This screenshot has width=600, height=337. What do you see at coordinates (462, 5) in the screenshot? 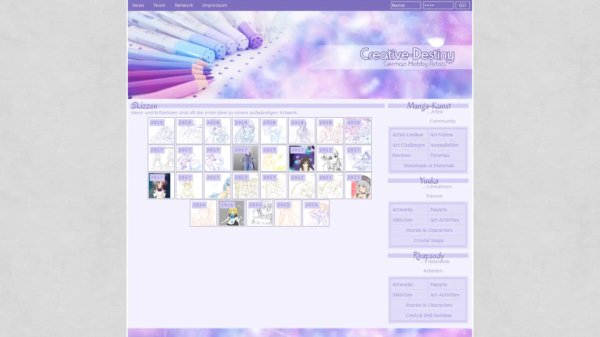
I see `GO` at bounding box center [462, 5].